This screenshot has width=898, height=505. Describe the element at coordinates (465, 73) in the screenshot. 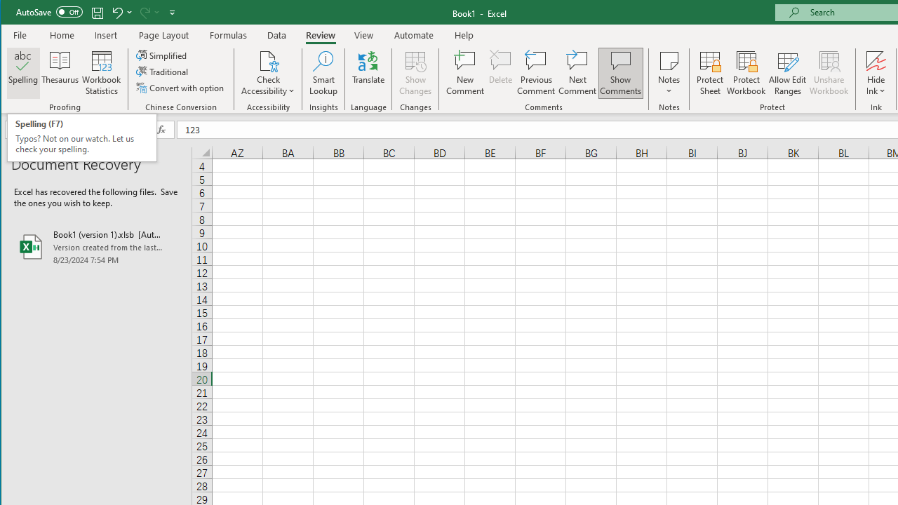

I see `'New Comment'` at that location.